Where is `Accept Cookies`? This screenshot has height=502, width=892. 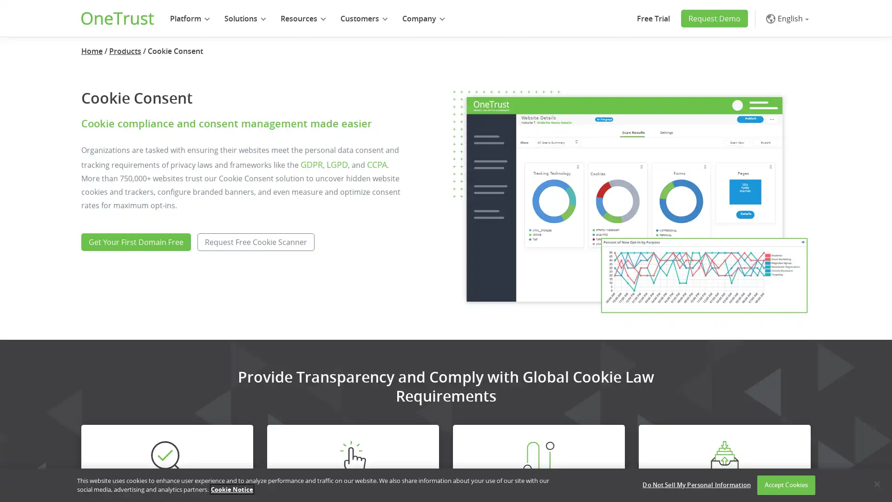
Accept Cookies is located at coordinates (786, 485).